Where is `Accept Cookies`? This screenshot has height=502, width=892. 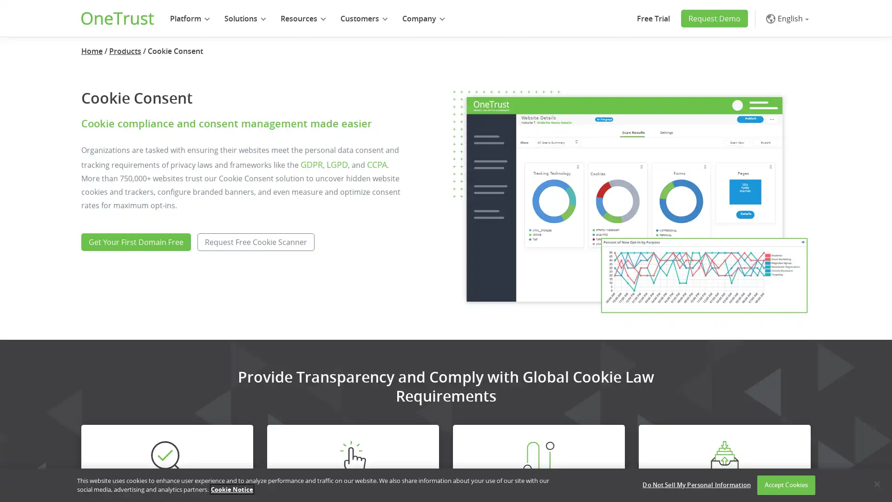
Accept Cookies is located at coordinates (786, 485).